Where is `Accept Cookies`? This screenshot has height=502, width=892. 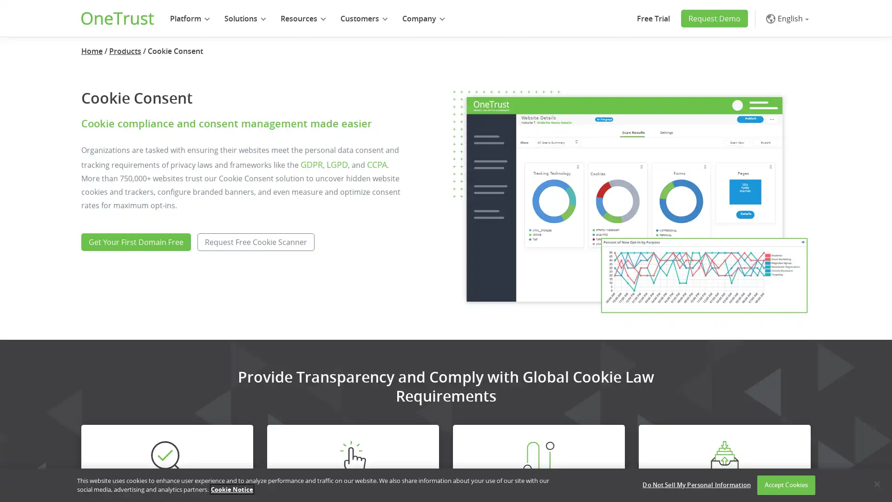
Accept Cookies is located at coordinates (786, 485).